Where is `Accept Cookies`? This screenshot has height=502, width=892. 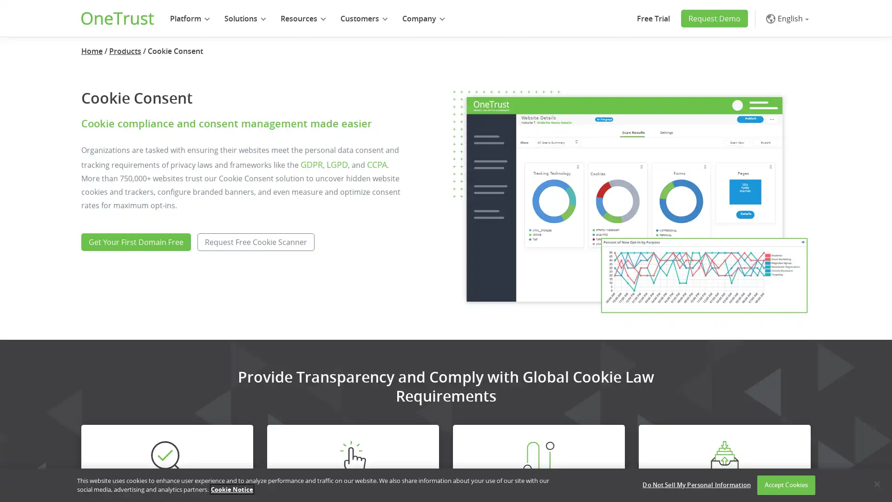
Accept Cookies is located at coordinates (786, 485).